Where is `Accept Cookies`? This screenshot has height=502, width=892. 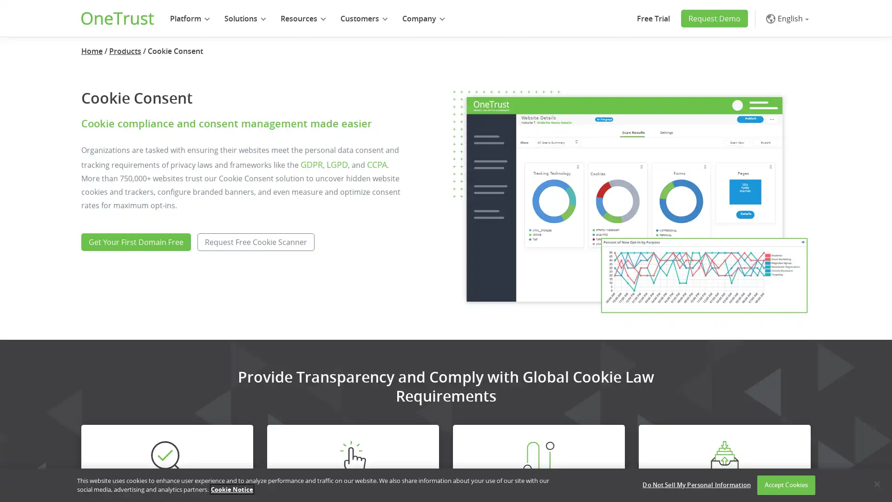
Accept Cookies is located at coordinates (786, 485).